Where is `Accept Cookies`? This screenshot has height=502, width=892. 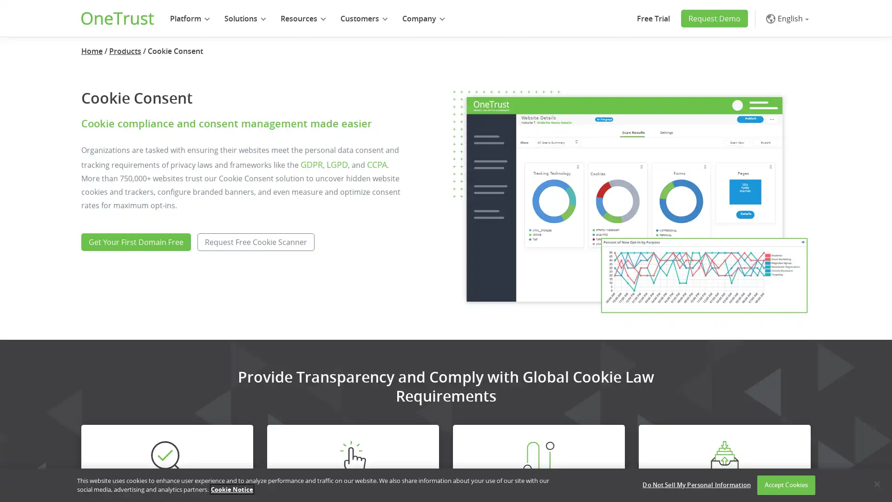
Accept Cookies is located at coordinates (786, 485).